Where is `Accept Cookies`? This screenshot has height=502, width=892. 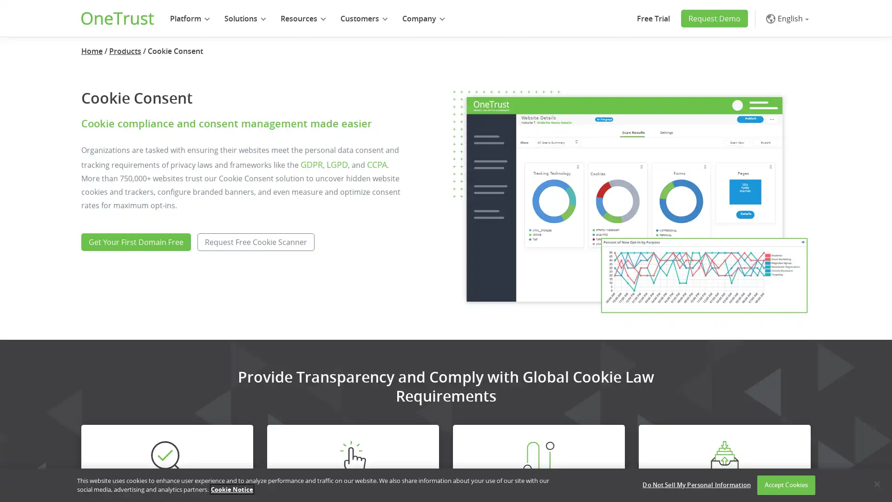
Accept Cookies is located at coordinates (786, 485).